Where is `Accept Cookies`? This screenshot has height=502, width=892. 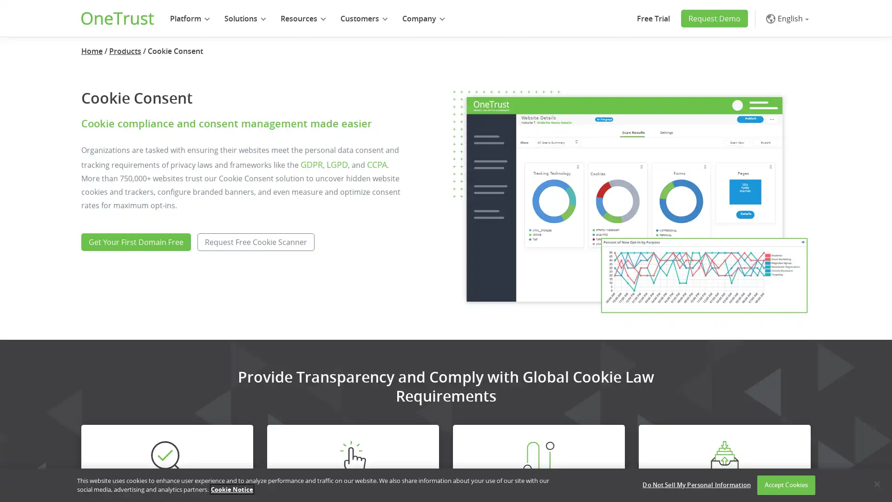
Accept Cookies is located at coordinates (786, 485).